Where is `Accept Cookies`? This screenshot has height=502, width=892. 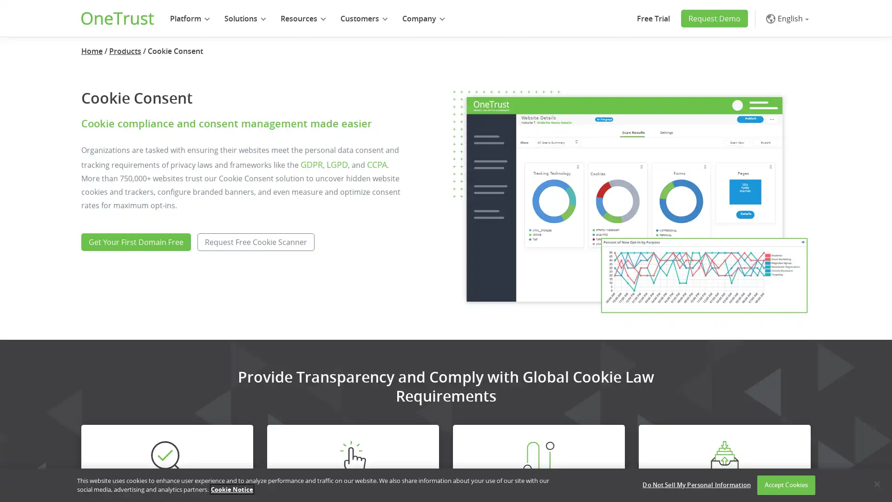
Accept Cookies is located at coordinates (786, 485).